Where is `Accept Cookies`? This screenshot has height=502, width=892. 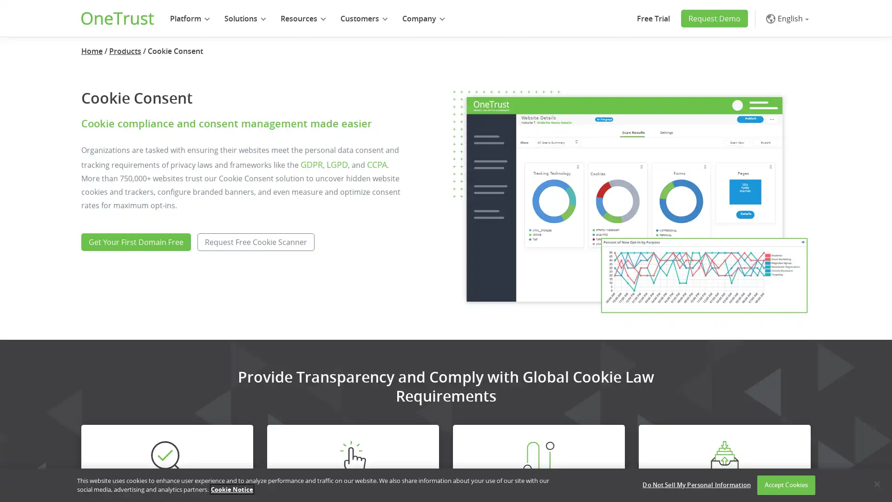
Accept Cookies is located at coordinates (786, 485).